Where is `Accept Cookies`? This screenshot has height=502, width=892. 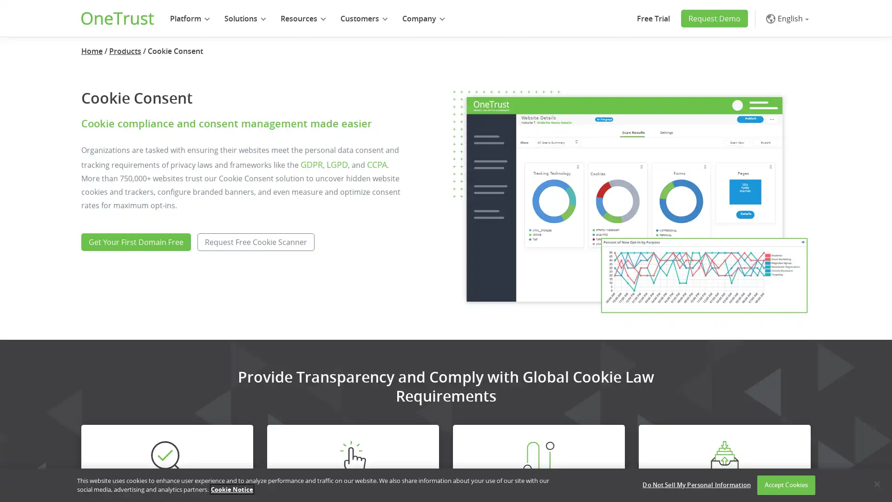
Accept Cookies is located at coordinates (786, 485).